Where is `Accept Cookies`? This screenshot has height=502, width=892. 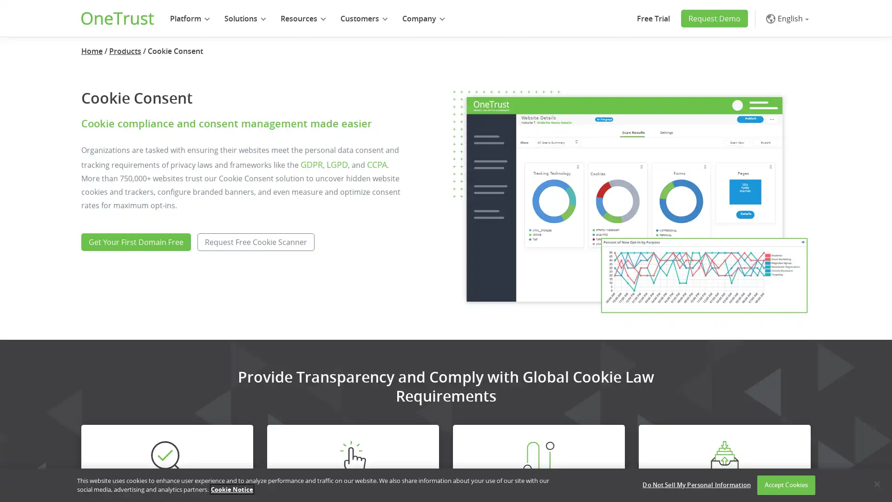
Accept Cookies is located at coordinates (786, 485).